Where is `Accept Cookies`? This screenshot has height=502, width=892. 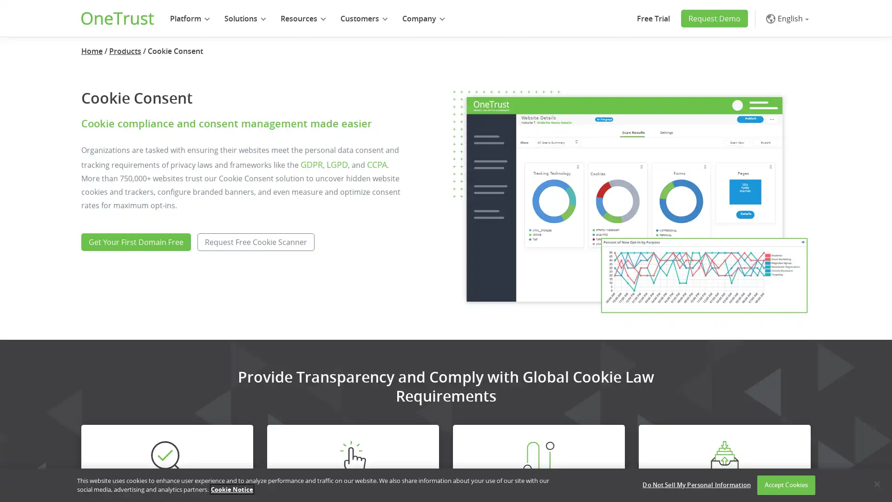
Accept Cookies is located at coordinates (786, 485).